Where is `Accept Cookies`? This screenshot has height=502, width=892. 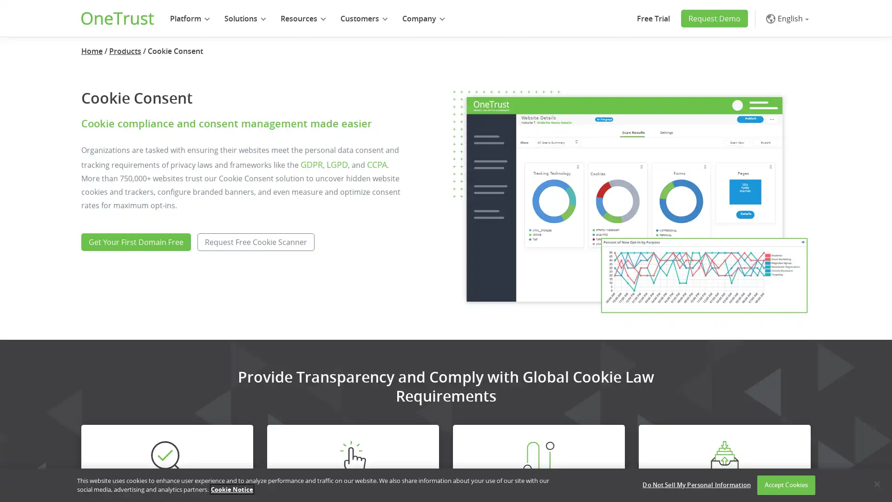
Accept Cookies is located at coordinates (786, 485).